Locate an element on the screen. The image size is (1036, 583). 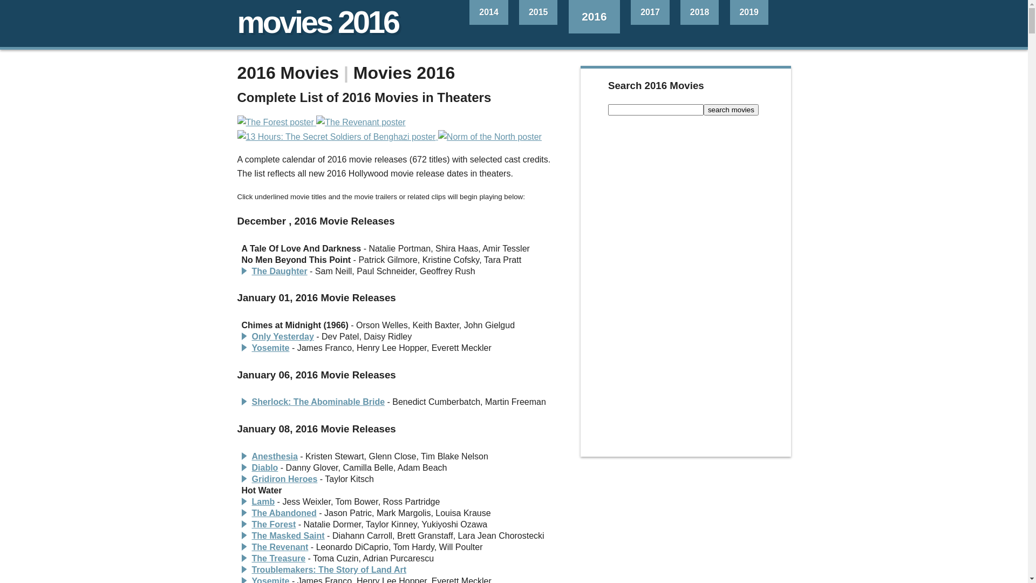
'search movies' is located at coordinates (731, 110).